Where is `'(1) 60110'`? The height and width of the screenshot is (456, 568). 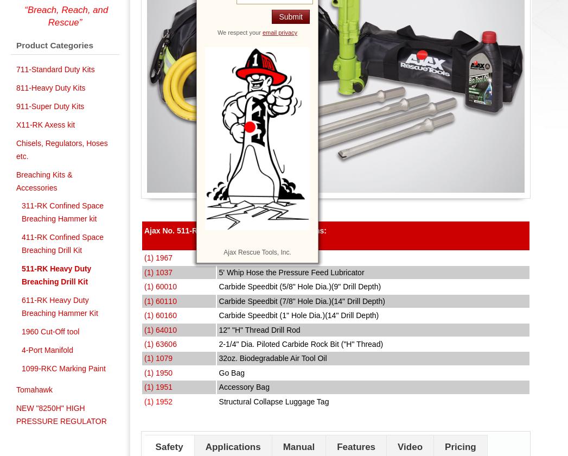 '(1) 60110' is located at coordinates (159, 300).